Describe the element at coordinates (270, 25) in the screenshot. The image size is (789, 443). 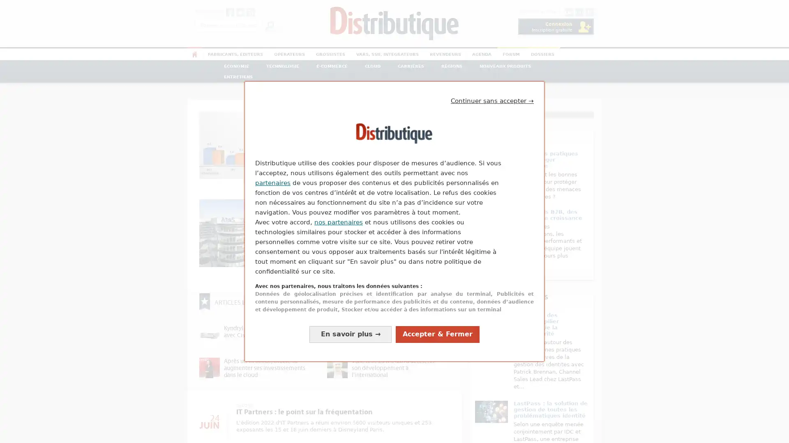
I see `Ok` at that location.